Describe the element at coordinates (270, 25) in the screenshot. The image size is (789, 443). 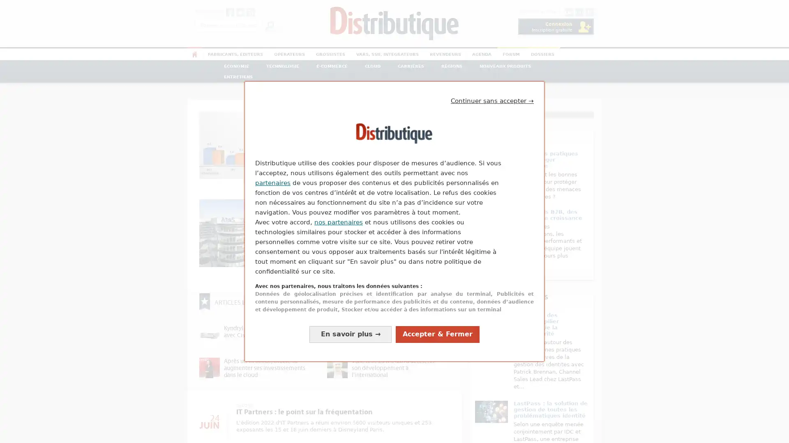
I see `Ok` at that location.